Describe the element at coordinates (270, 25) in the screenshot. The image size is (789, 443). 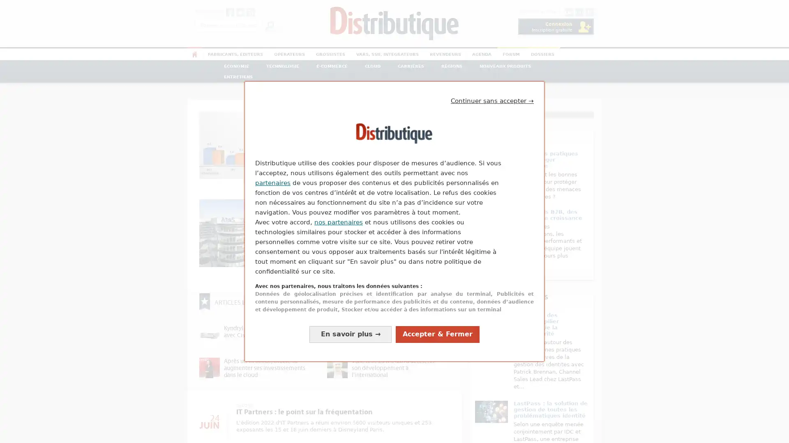
I see `Ok` at that location.